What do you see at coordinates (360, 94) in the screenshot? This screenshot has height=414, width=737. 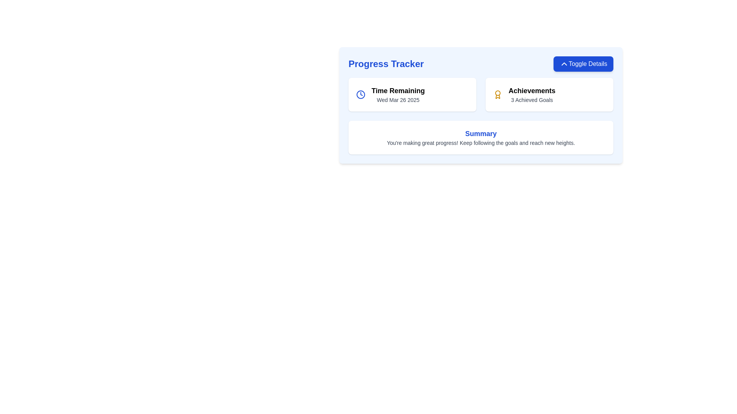 I see `the decorative SVG circle that serves as the clock's outline, which is located to the left of the 'Time Remaining' text in the top-left card of the 'Progress Tracker' section` at bounding box center [360, 94].